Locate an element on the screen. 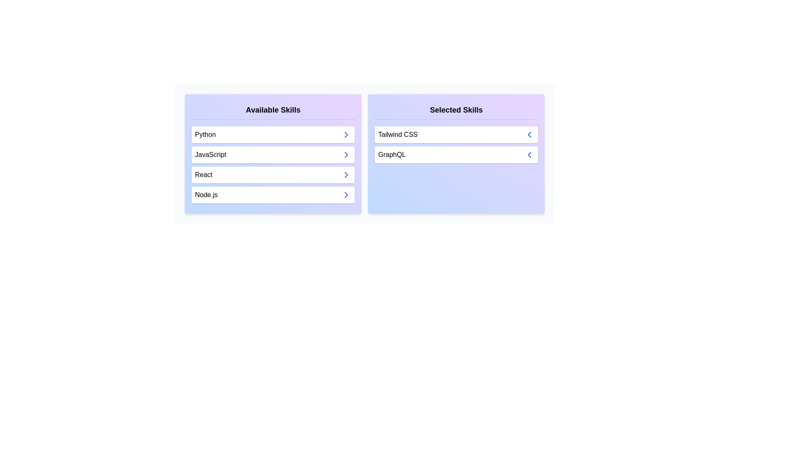  button next to the skill Tailwind CSS in the 'Selected Skills' list to move it to the 'Available Skills' list is located at coordinates (529, 134).